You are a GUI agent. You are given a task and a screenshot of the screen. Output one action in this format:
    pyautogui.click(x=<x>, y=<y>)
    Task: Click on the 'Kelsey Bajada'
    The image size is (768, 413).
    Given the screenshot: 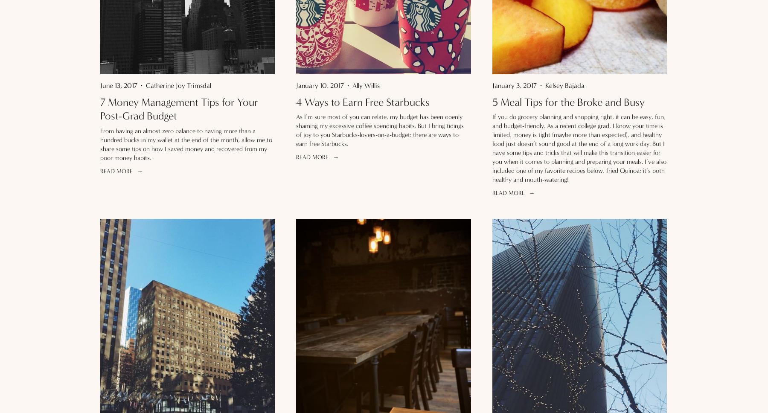 What is the action you would take?
    pyautogui.click(x=564, y=85)
    